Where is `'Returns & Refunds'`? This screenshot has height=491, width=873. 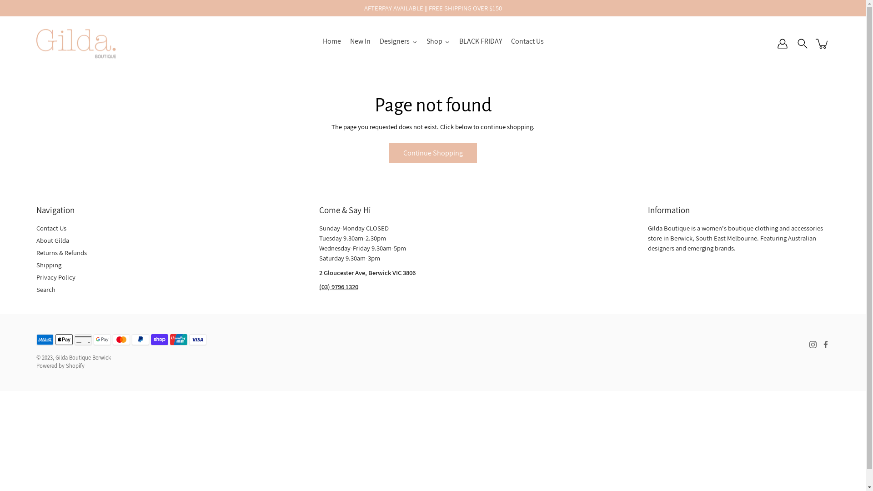 'Returns & Refunds' is located at coordinates (61, 252).